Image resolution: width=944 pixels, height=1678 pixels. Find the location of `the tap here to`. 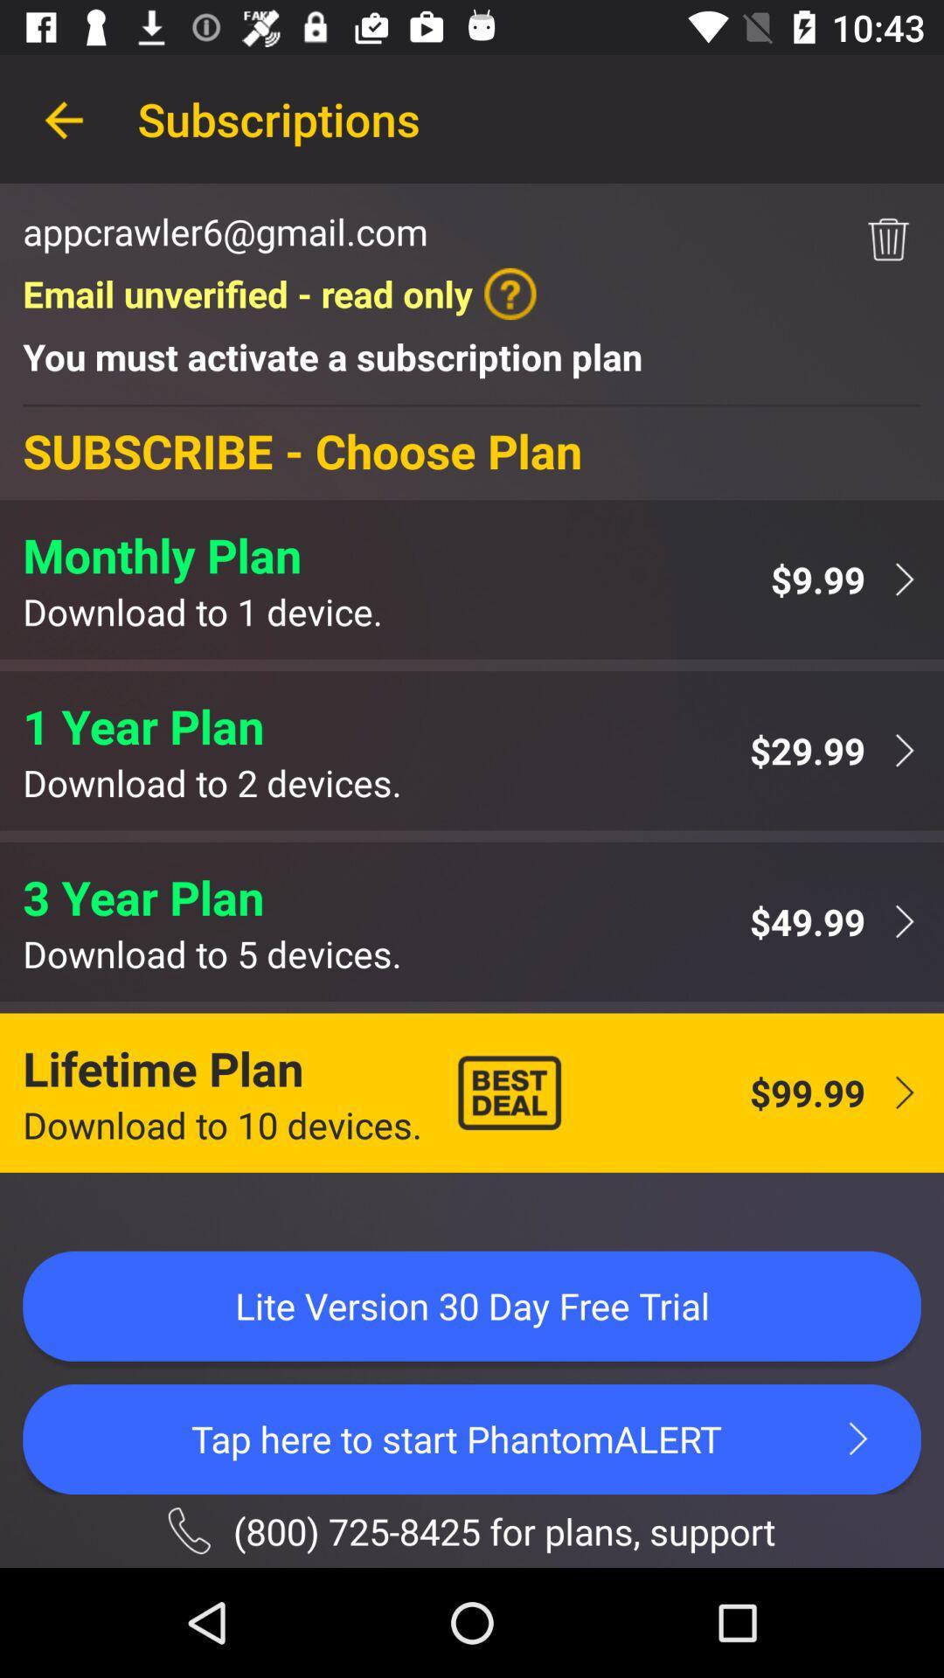

the tap here to is located at coordinates (472, 1439).